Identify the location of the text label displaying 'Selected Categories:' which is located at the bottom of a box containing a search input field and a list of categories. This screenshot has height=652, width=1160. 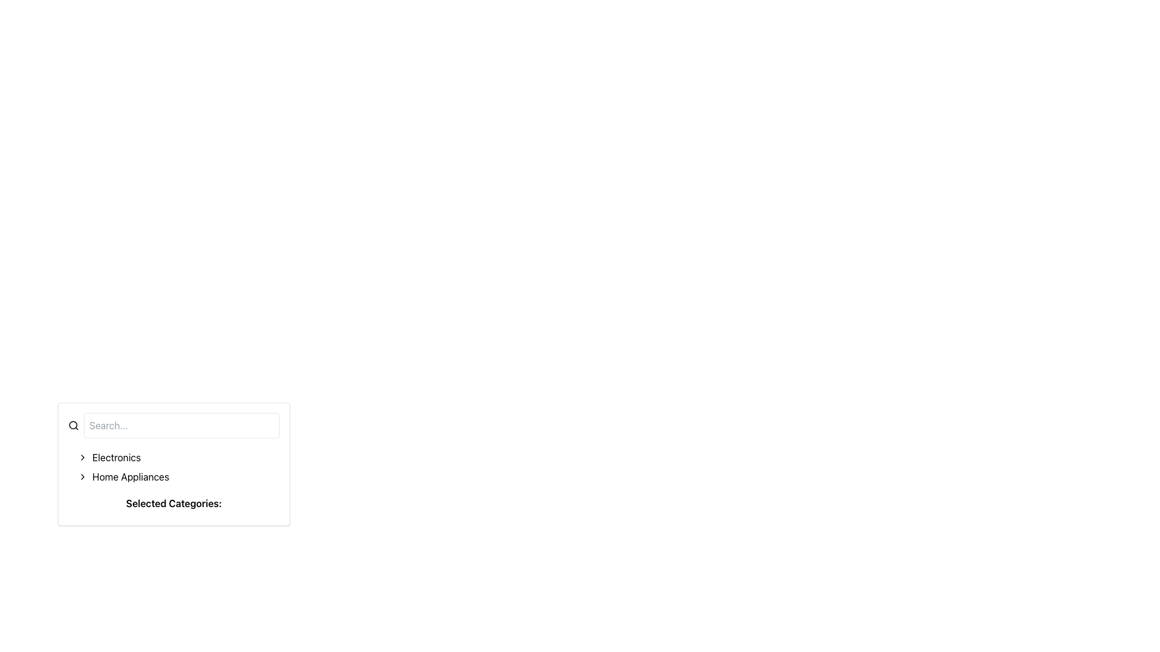
(173, 505).